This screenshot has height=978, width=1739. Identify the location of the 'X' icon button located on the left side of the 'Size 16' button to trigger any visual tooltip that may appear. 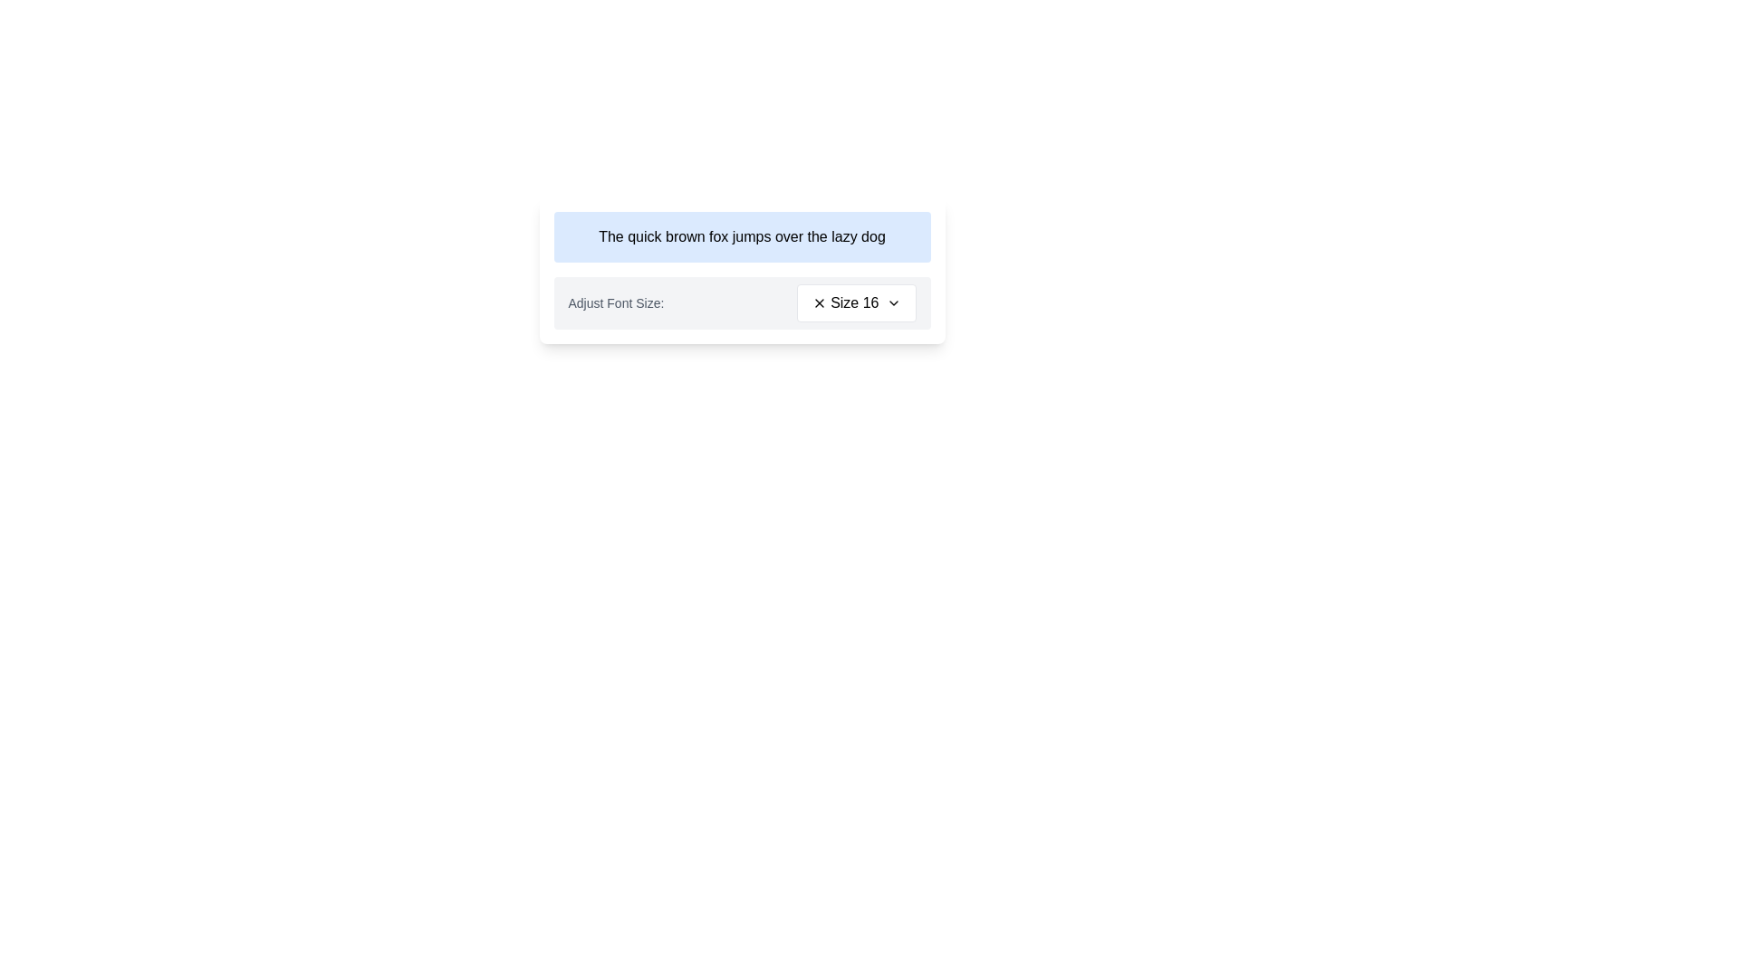
(819, 302).